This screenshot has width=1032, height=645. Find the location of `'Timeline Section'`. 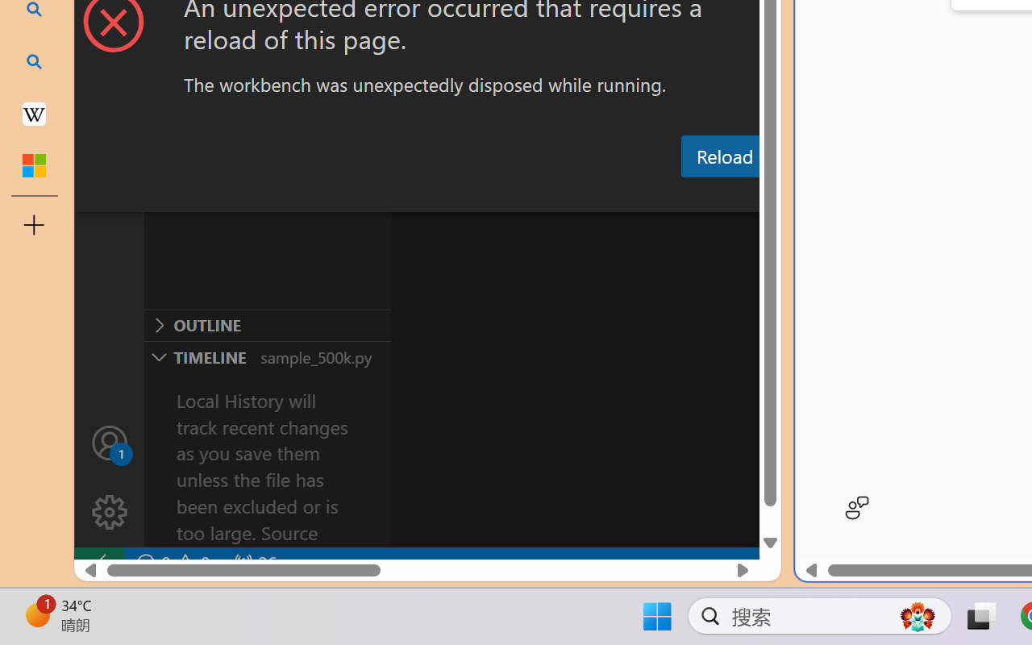

'Timeline Section' is located at coordinates (267, 356).